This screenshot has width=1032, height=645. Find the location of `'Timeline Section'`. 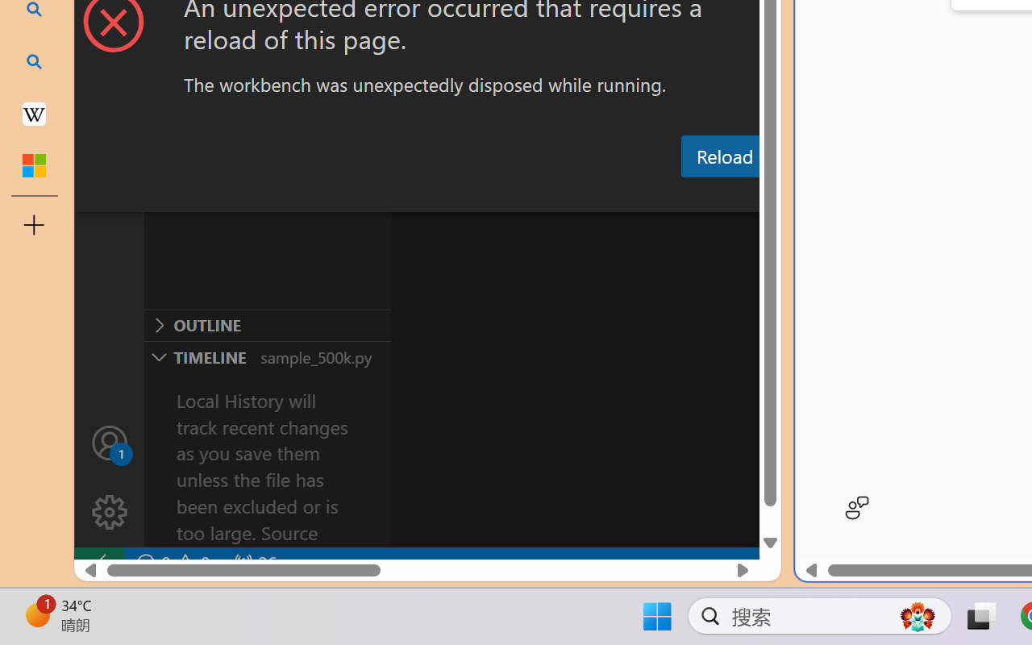

'Timeline Section' is located at coordinates (267, 356).